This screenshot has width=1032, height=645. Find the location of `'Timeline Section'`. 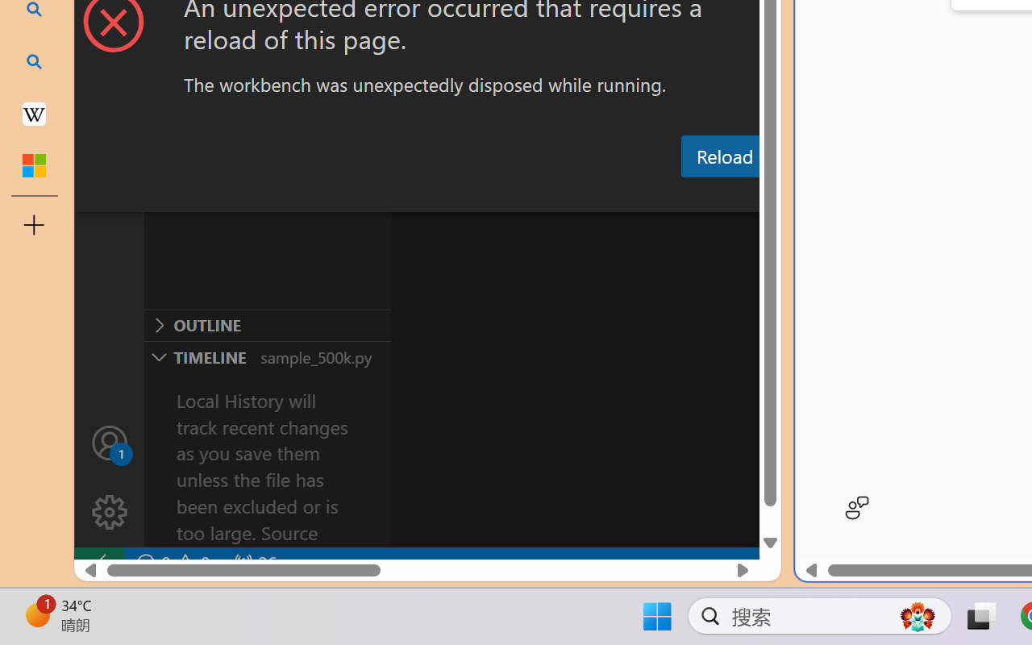

'Timeline Section' is located at coordinates (267, 356).